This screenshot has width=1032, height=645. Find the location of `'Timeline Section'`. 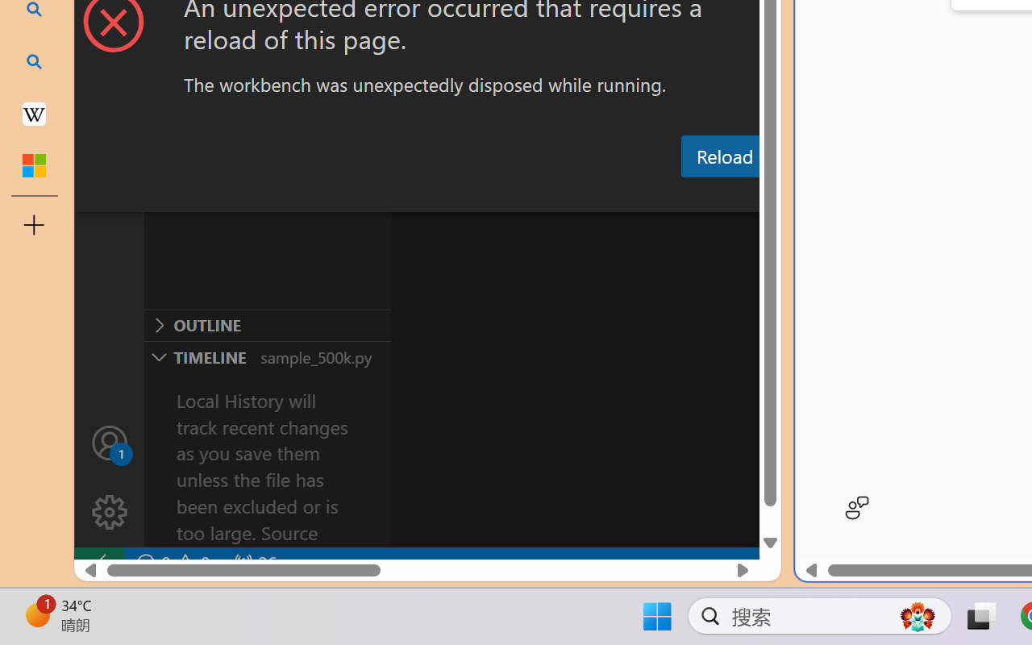

'Timeline Section' is located at coordinates (267, 356).